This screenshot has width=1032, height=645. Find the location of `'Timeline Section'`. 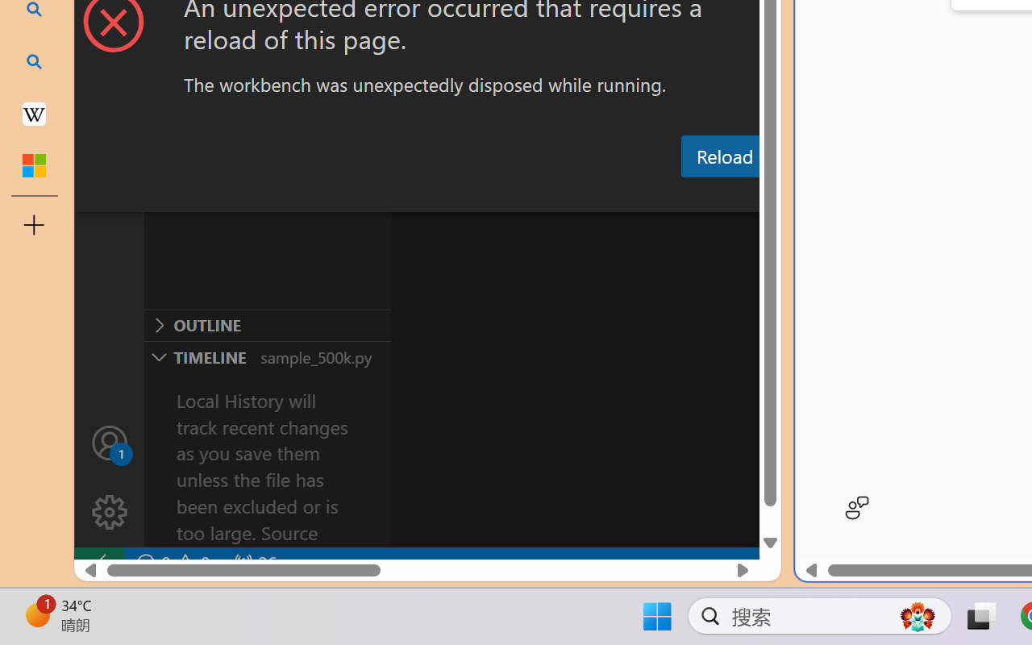

'Timeline Section' is located at coordinates (267, 356).